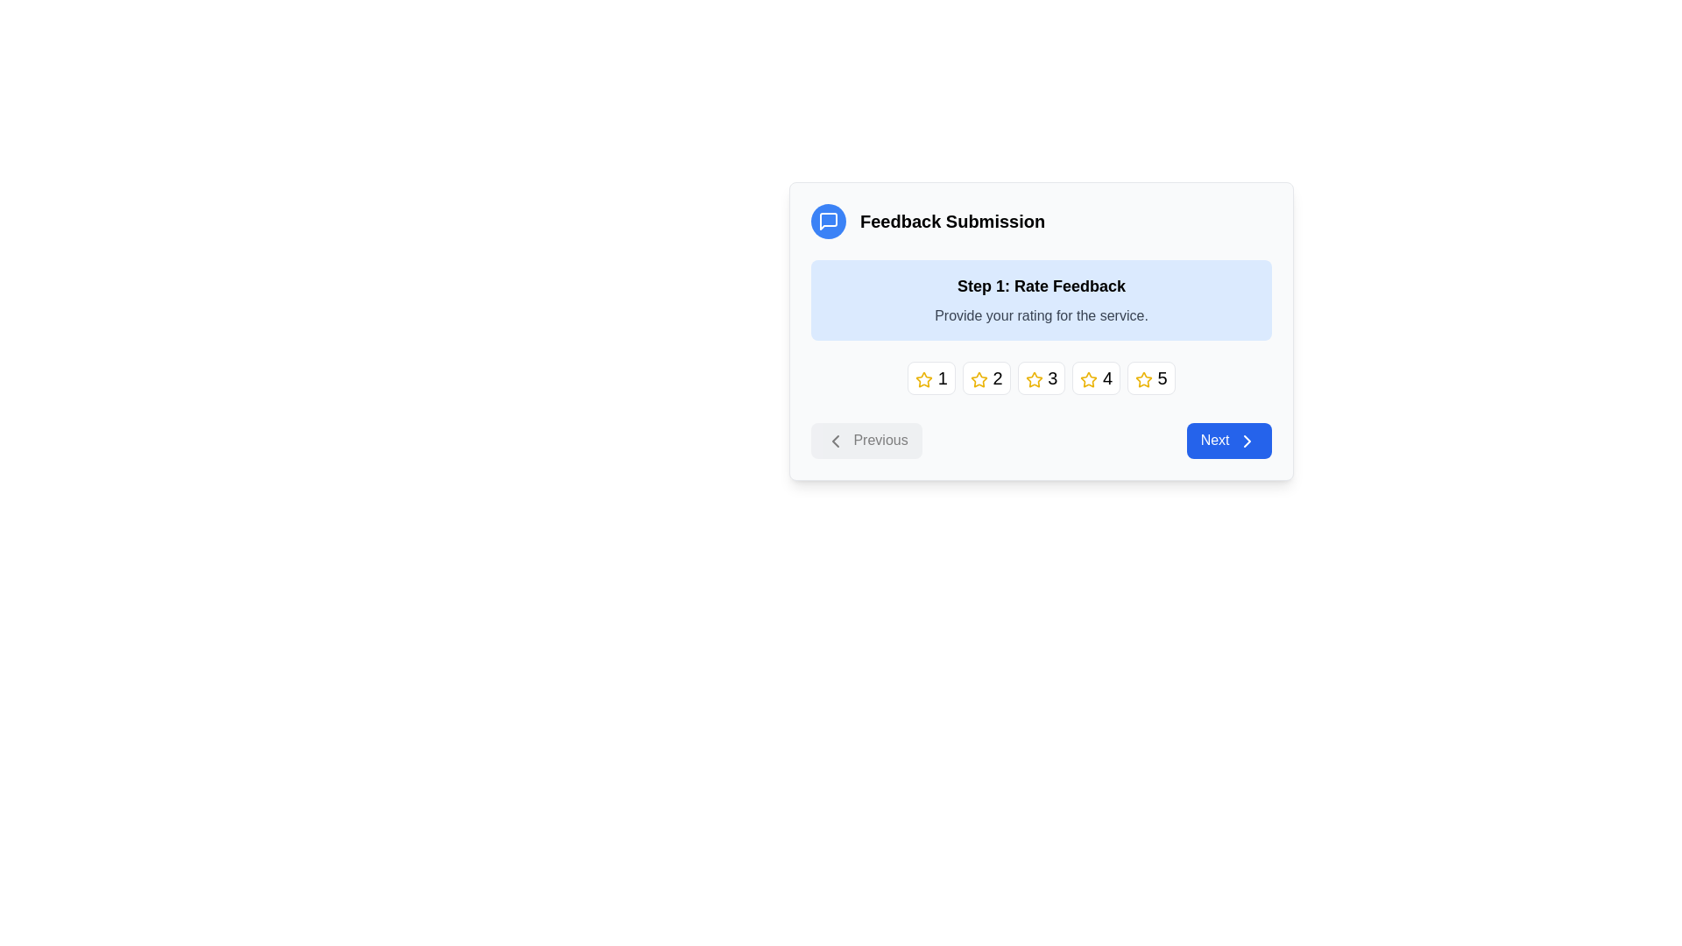  Describe the element at coordinates (1247, 439) in the screenshot. I see `the chevron arrow icon located to the right of the 'Next' button in the bottom-right corner of the feedback submission form as a visual cue for advancing to the next step` at that location.